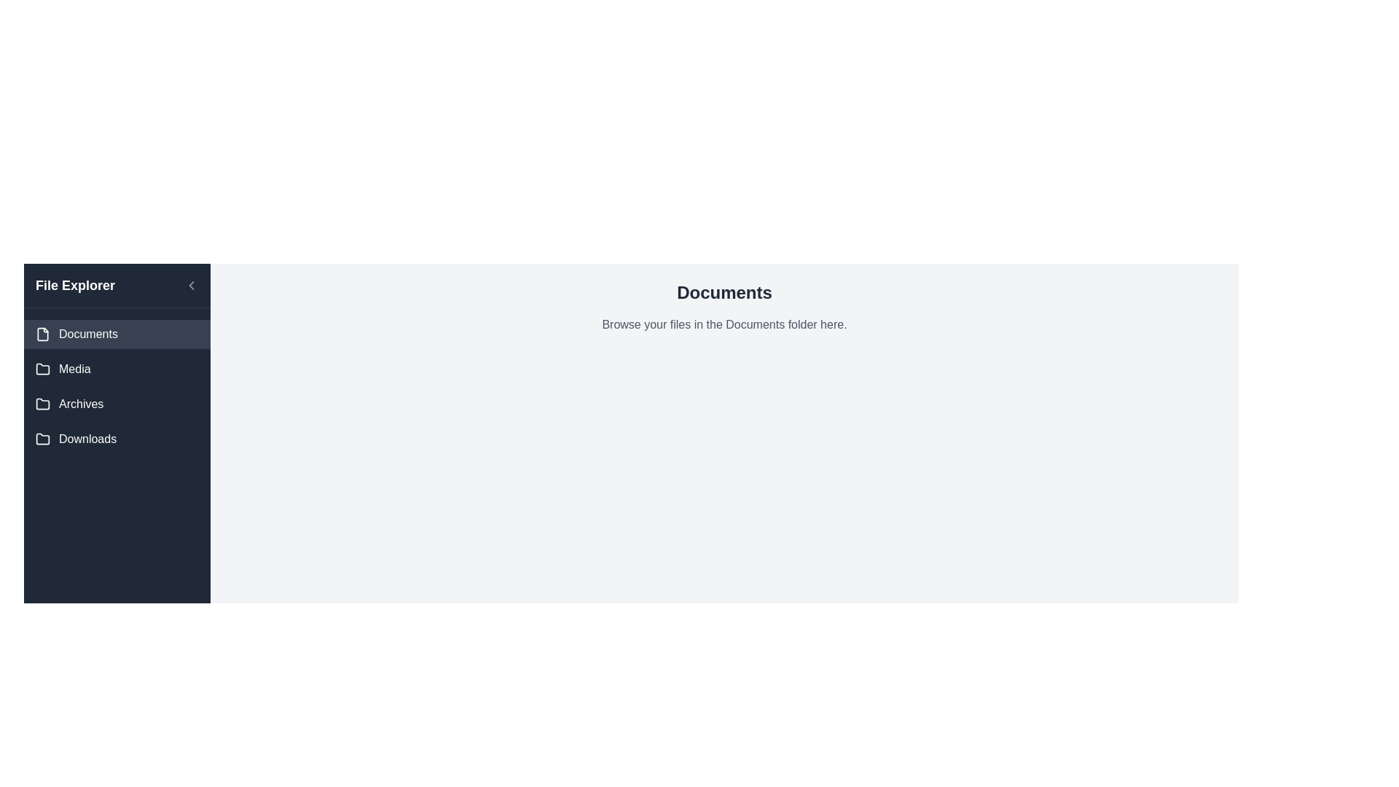 This screenshot has height=787, width=1399. I want to click on the folder icon in the vertical navigation menu under the 'File Explorer' section, so click(42, 368).